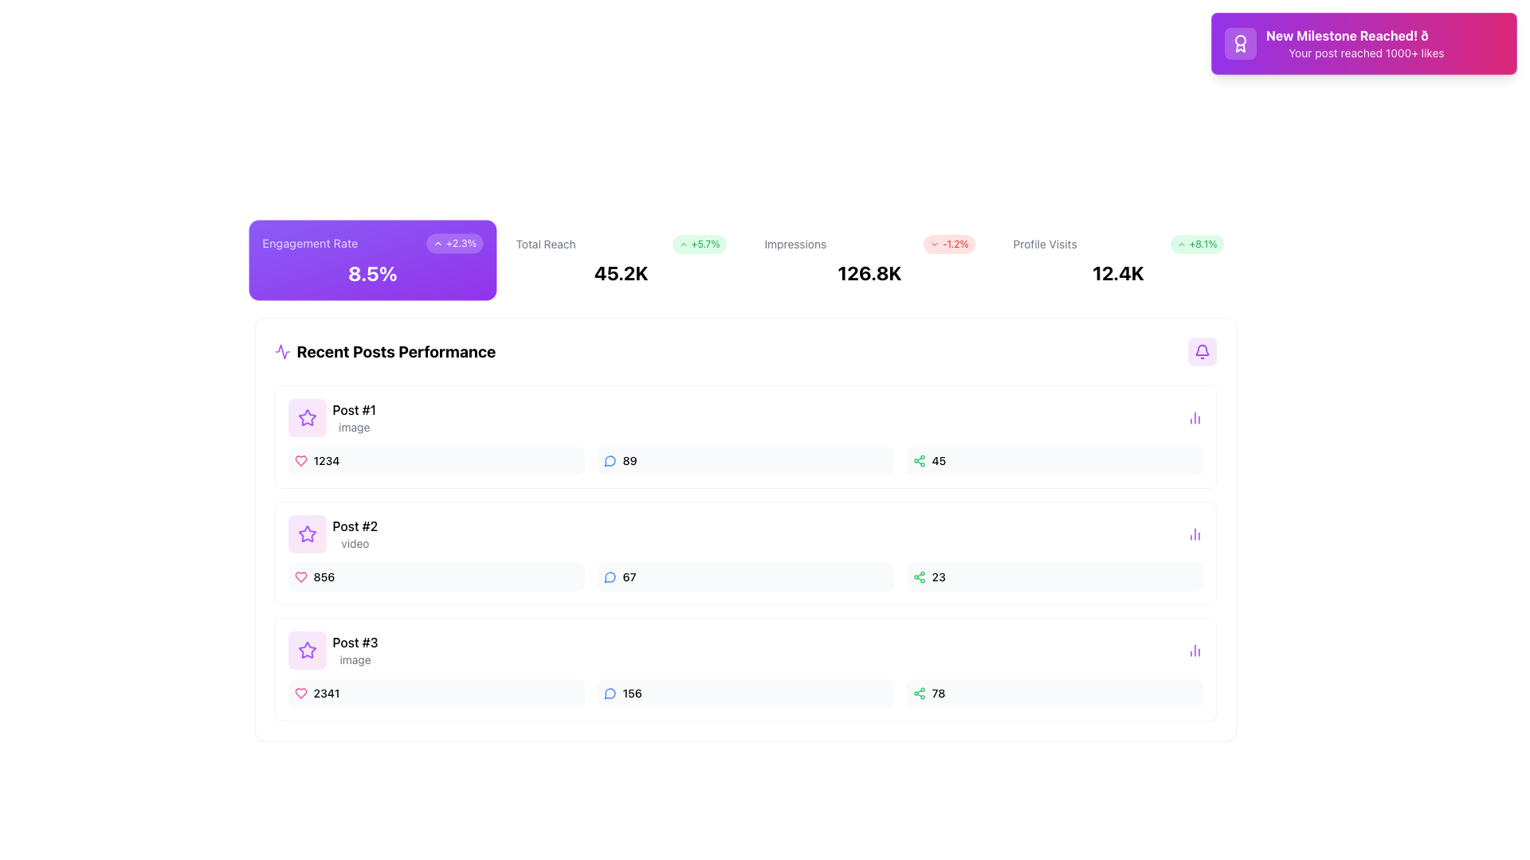 Image resolution: width=1530 pixels, height=860 pixels. I want to click on value displayed in the text widget showing the number '856', which is located below 'Post #2' and to the right of the pink heart icon, so click(323, 577).